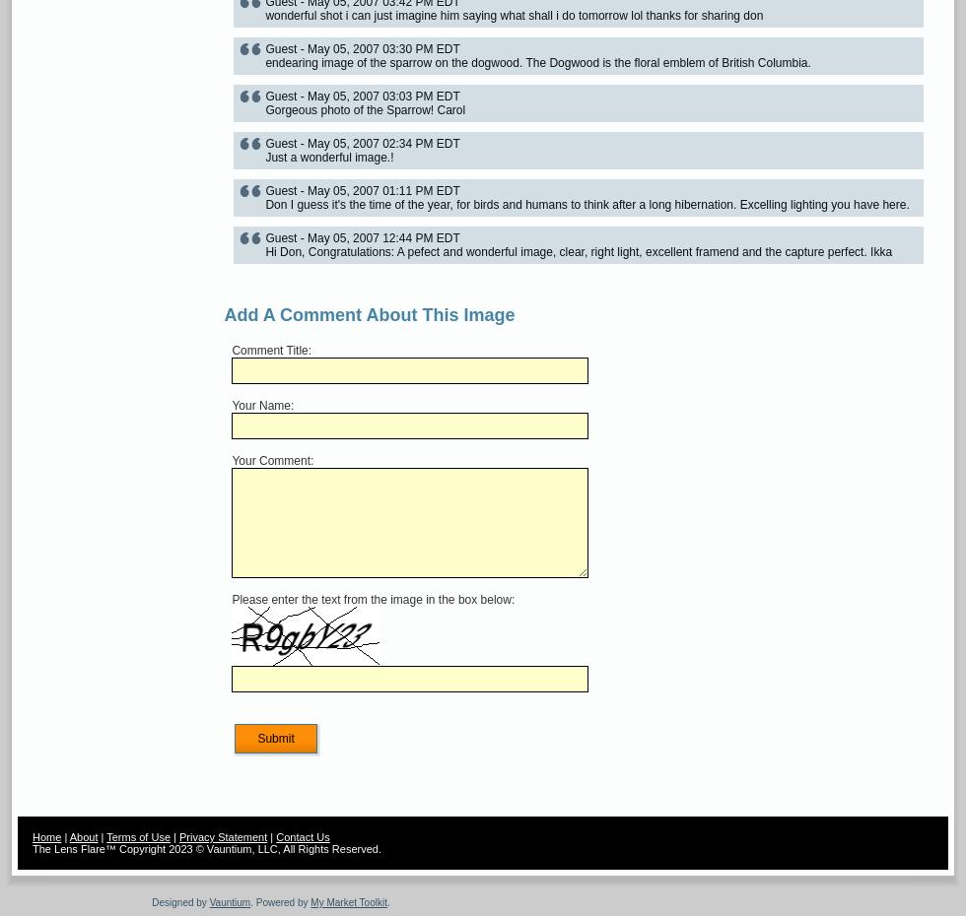  I want to click on 'Please enter the text from the image in the box below:', so click(373, 599).